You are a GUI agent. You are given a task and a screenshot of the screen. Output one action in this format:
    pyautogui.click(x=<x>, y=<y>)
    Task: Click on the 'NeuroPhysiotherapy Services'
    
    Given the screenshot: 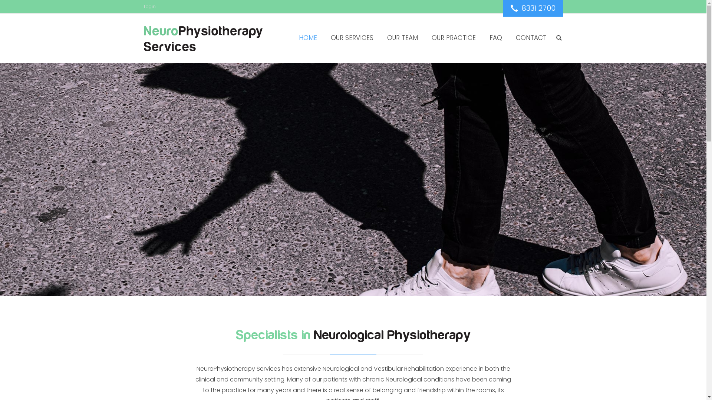 What is the action you would take?
    pyautogui.click(x=203, y=38)
    